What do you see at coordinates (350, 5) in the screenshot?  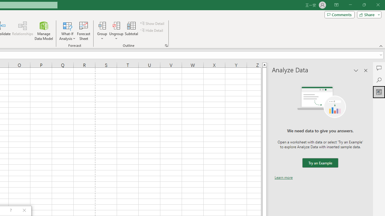 I see `'Minimize'` at bounding box center [350, 5].